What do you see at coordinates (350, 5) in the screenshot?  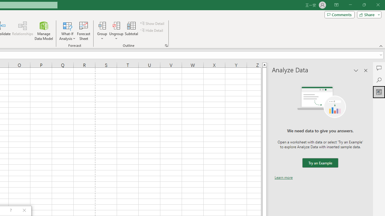 I see `'Minimize'` at bounding box center [350, 5].